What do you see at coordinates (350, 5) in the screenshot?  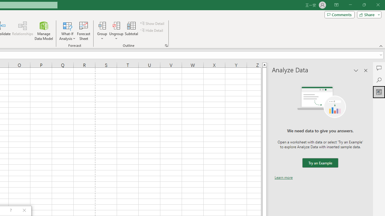 I see `'Minimize'` at bounding box center [350, 5].